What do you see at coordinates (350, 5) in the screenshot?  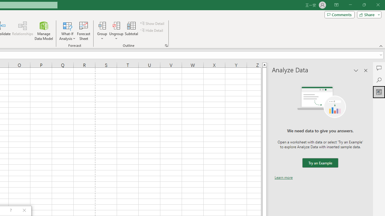 I see `'Minimize'` at bounding box center [350, 5].